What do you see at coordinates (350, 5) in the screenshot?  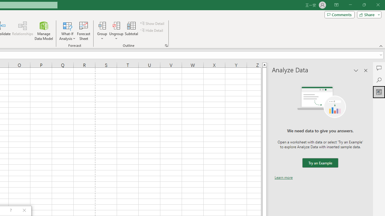 I see `'Minimize'` at bounding box center [350, 5].